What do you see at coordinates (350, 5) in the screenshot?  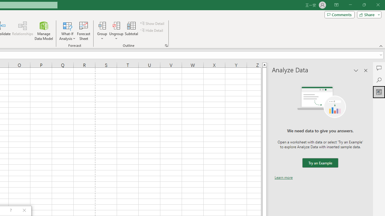 I see `'Minimize'` at bounding box center [350, 5].